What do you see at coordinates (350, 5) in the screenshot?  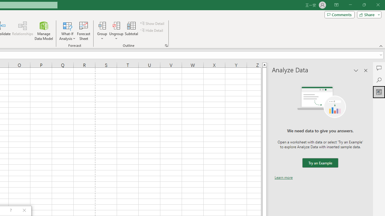 I see `'Minimize'` at bounding box center [350, 5].